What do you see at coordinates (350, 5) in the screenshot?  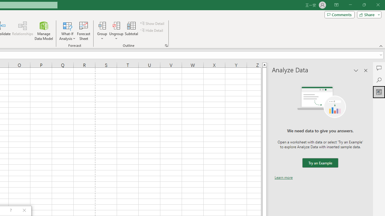 I see `'Minimize'` at bounding box center [350, 5].